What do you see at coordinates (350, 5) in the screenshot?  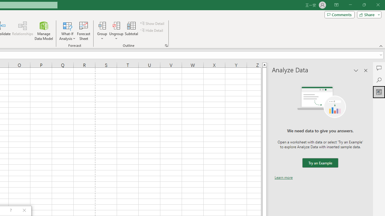 I see `'Minimize'` at bounding box center [350, 5].